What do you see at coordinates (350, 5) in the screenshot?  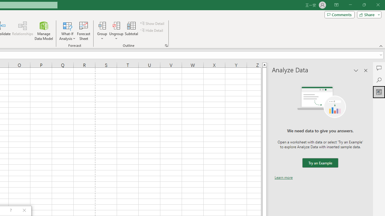 I see `'Minimize'` at bounding box center [350, 5].